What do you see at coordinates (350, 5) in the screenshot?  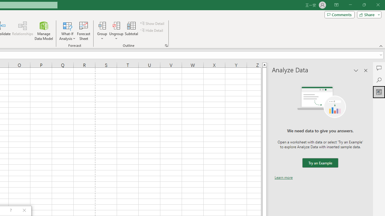 I see `'Minimize'` at bounding box center [350, 5].